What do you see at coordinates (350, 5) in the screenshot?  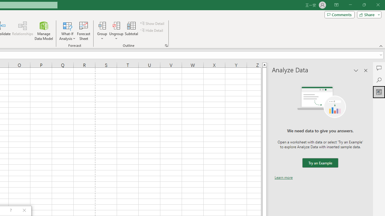 I see `'Minimize'` at bounding box center [350, 5].